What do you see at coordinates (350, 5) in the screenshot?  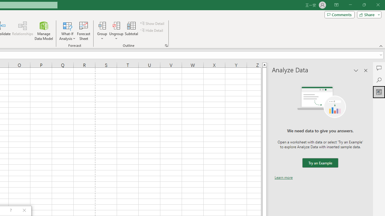 I see `'Minimize'` at bounding box center [350, 5].